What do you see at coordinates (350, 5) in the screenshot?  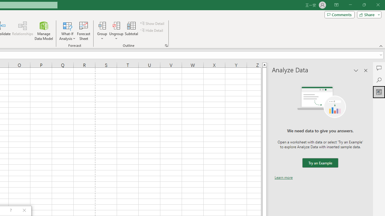 I see `'Minimize'` at bounding box center [350, 5].